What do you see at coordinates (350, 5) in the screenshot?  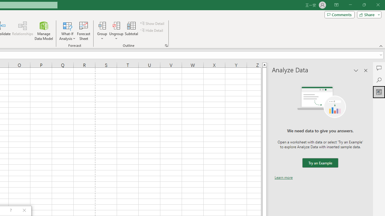 I see `'Minimize'` at bounding box center [350, 5].